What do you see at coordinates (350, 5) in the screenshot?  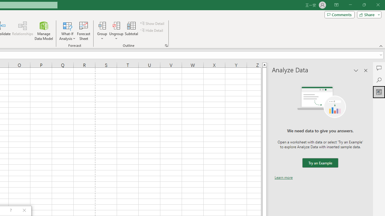 I see `'Minimize'` at bounding box center [350, 5].